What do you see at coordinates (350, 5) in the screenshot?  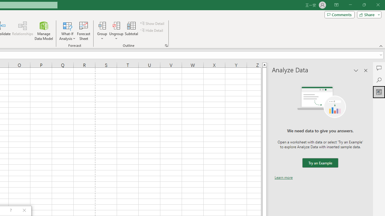 I see `'Minimize'` at bounding box center [350, 5].